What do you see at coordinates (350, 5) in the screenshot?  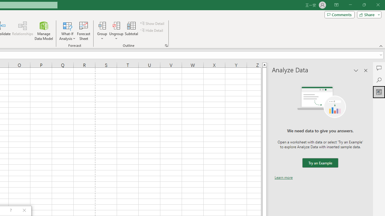 I see `'Minimize'` at bounding box center [350, 5].